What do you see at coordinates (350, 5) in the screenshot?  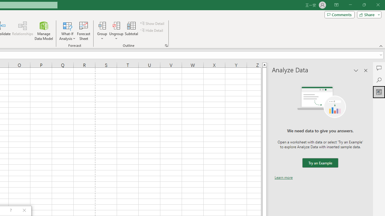 I see `'Minimize'` at bounding box center [350, 5].